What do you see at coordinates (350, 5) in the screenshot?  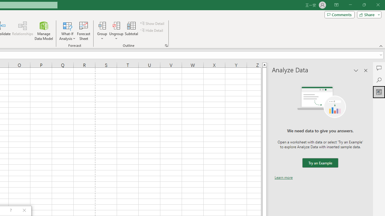 I see `'Minimize'` at bounding box center [350, 5].